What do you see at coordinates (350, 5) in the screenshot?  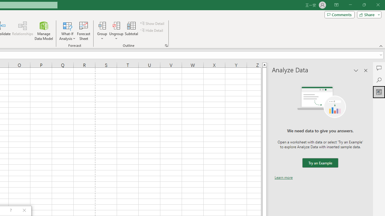 I see `'Minimize'` at bounding box center [350, 5].